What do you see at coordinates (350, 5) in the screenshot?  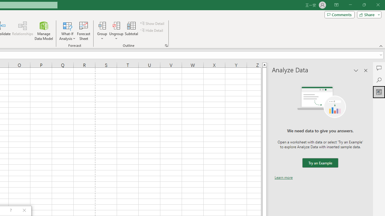 I see `'Minimize'` at bounding box center [350, 5].